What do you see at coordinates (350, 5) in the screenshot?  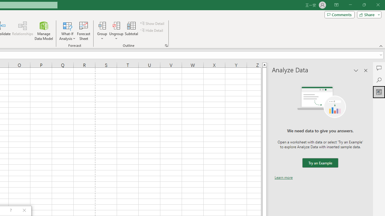 I see `'Minimize'` at bounding box center [350, 5].